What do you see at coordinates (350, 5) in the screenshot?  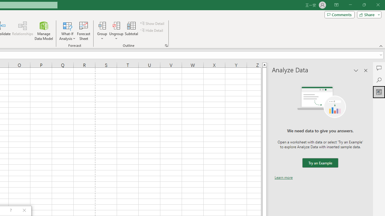 I see `'Minimize'` at bounding box center [350, 5].